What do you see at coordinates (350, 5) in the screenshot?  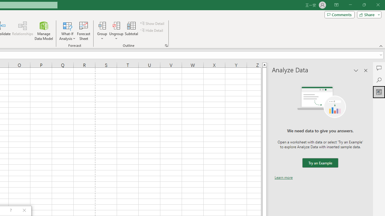 I see `'Minimize'` at bounding box center [350, 5].